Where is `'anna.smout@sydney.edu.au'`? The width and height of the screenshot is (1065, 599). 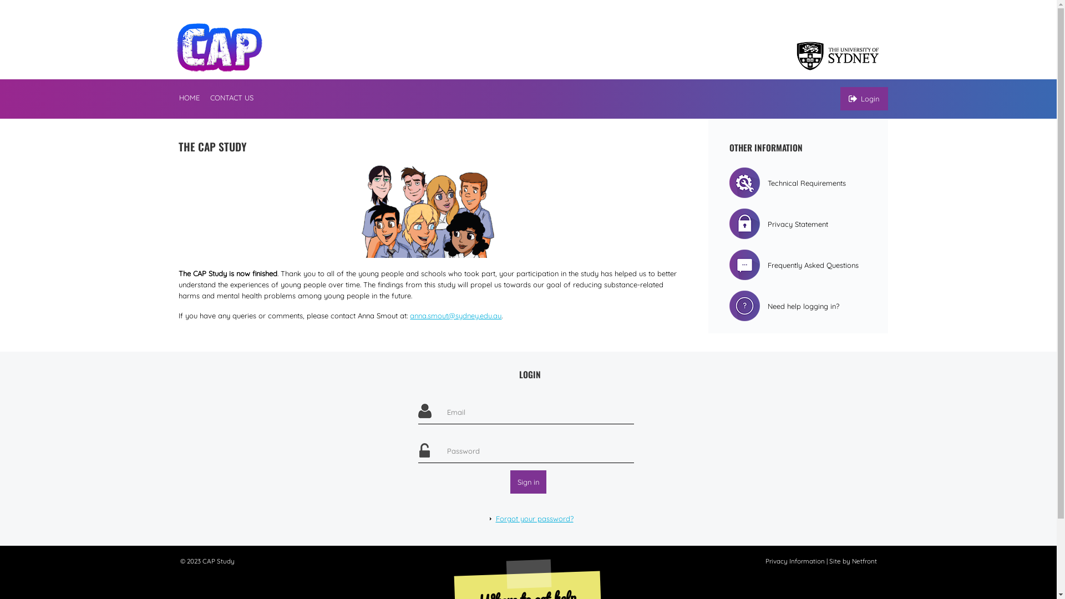
'anna.smout@sydney.edu.au' is located at coordinates (455, 316).